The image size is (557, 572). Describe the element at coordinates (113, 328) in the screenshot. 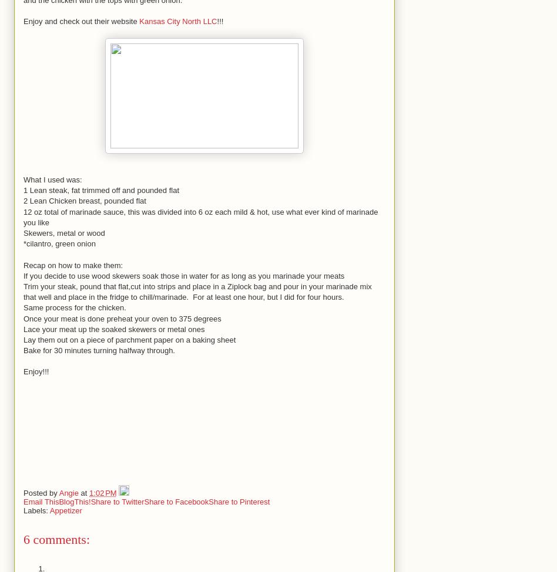

I see `'Lace your meat up the soaked skewers or metal ones'` at that location.